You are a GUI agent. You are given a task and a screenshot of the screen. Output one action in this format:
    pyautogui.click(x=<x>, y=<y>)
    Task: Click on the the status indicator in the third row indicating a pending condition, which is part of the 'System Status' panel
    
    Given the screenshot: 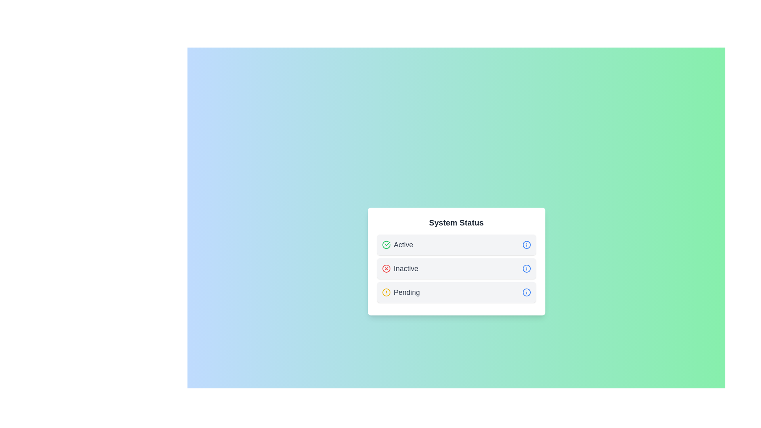 What is the action you would take?
    pyautogui.click(x=401, y=292)
    